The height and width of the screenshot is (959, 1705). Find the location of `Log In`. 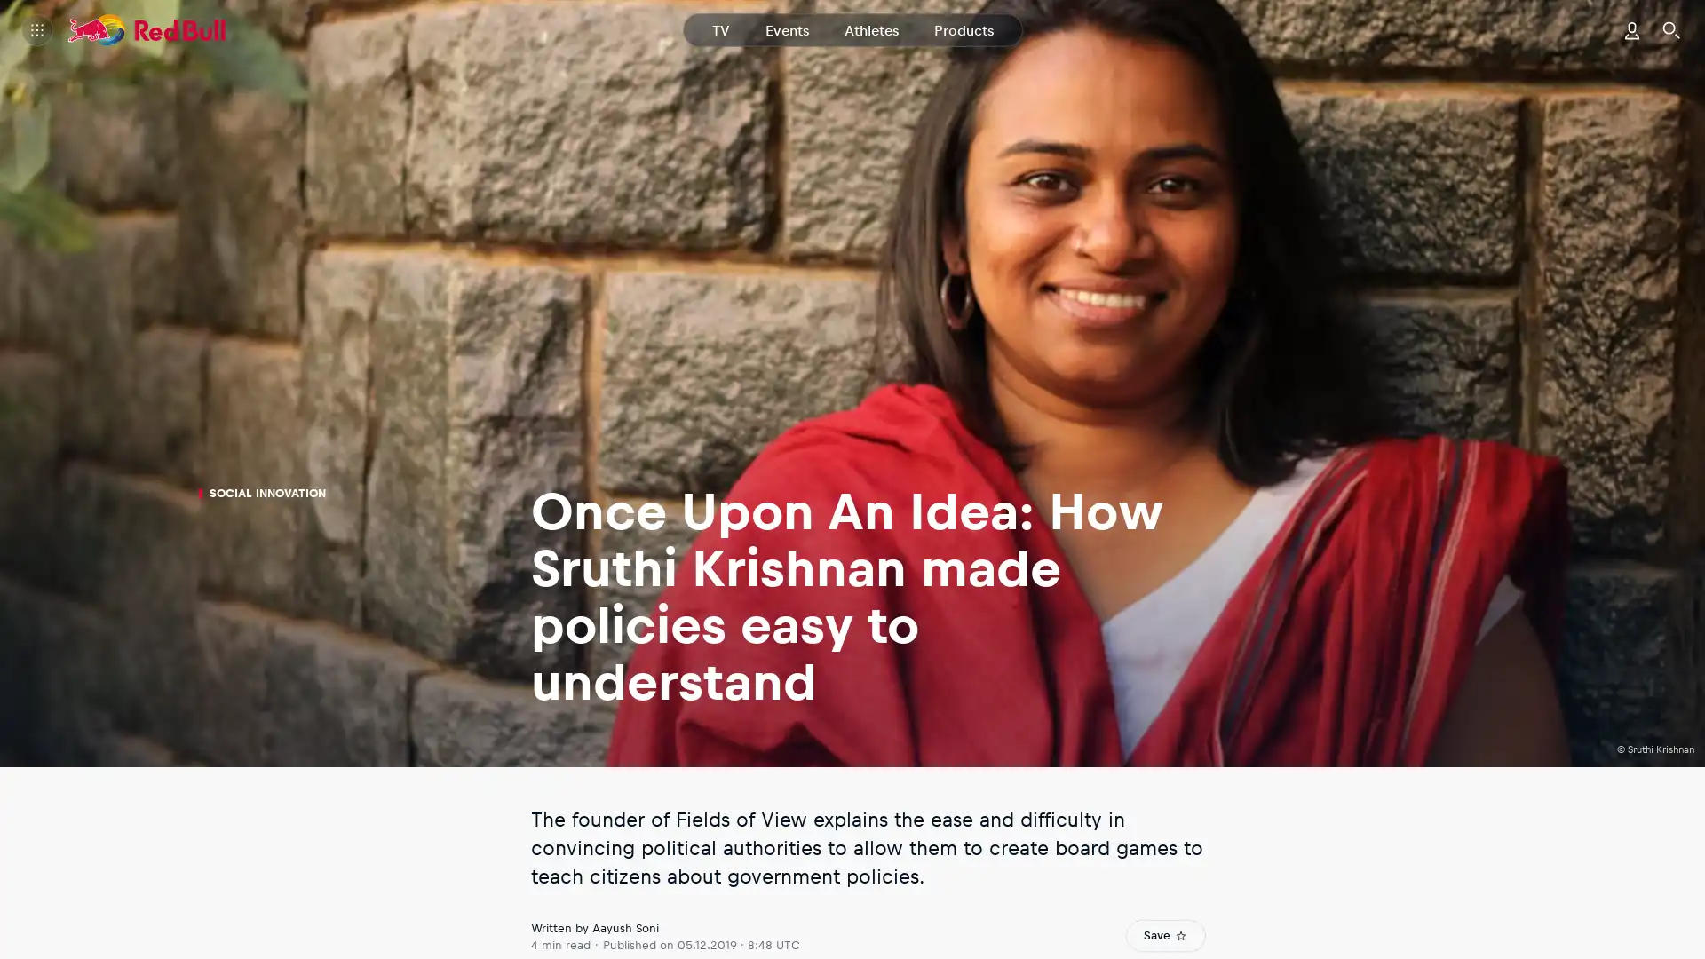

Log In is located at coordinates (1632, 30).